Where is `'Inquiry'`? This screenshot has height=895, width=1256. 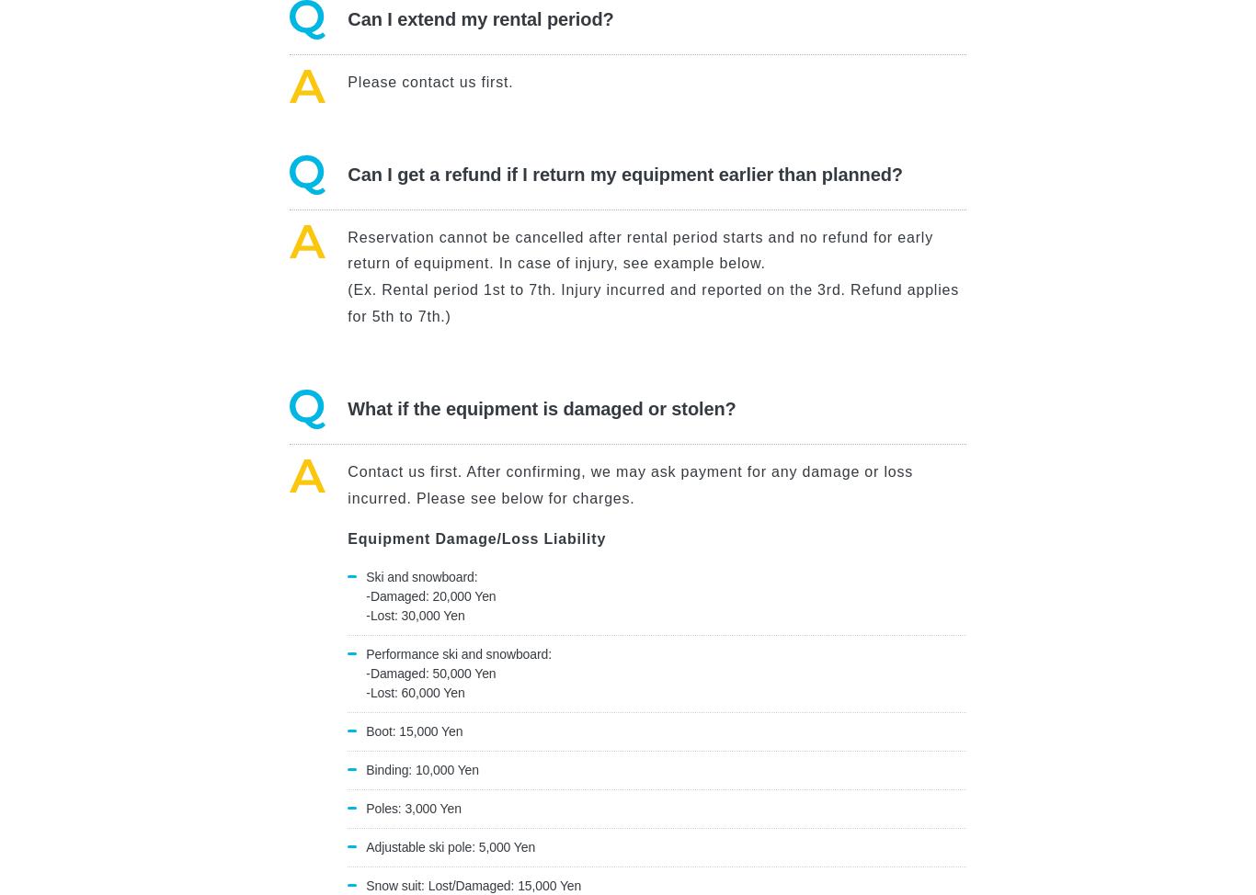
'Inquiry' is located at coordinates (921, 27).